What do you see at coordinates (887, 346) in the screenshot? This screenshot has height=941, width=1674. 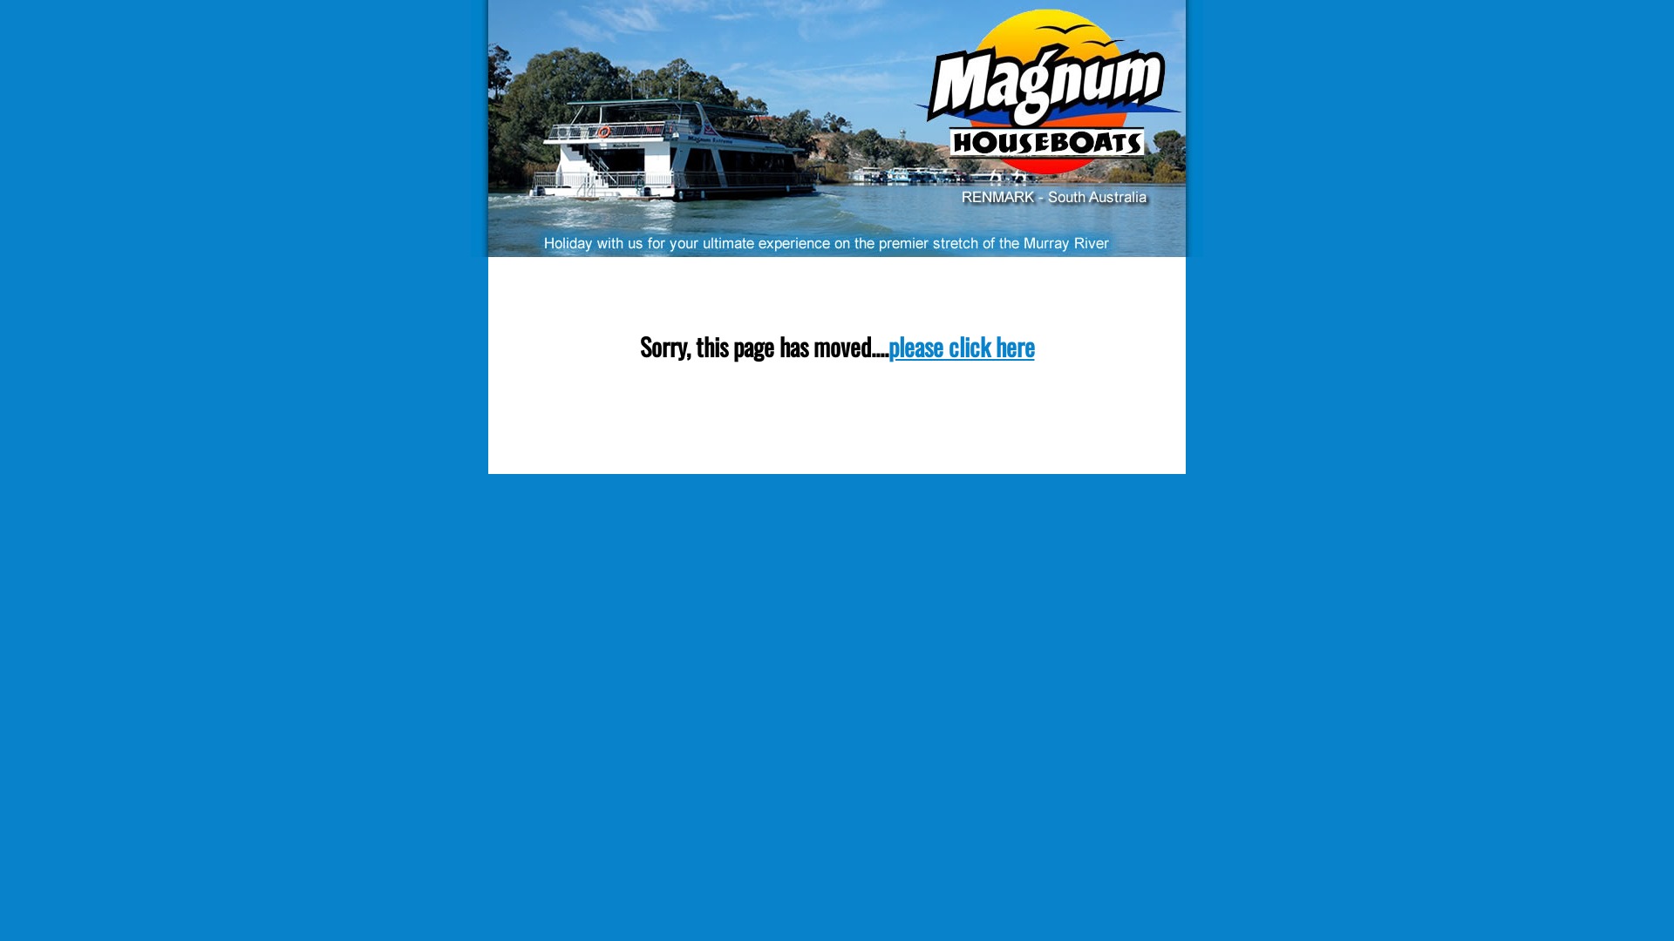 I see `'please click here'` at bounding box center [887, 346].